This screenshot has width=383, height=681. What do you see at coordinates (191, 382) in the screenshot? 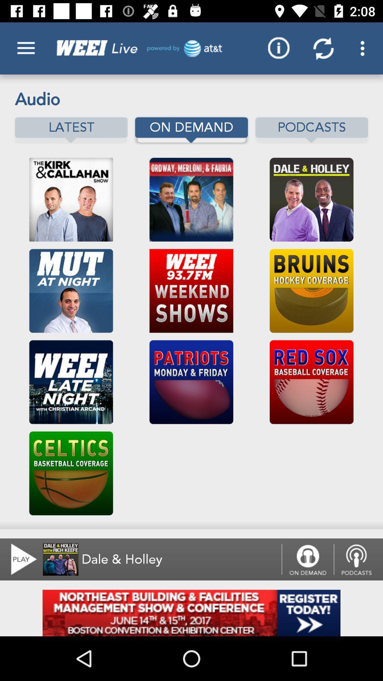
I see `the second image from the bottom second row` at bounding box center [191, 382].